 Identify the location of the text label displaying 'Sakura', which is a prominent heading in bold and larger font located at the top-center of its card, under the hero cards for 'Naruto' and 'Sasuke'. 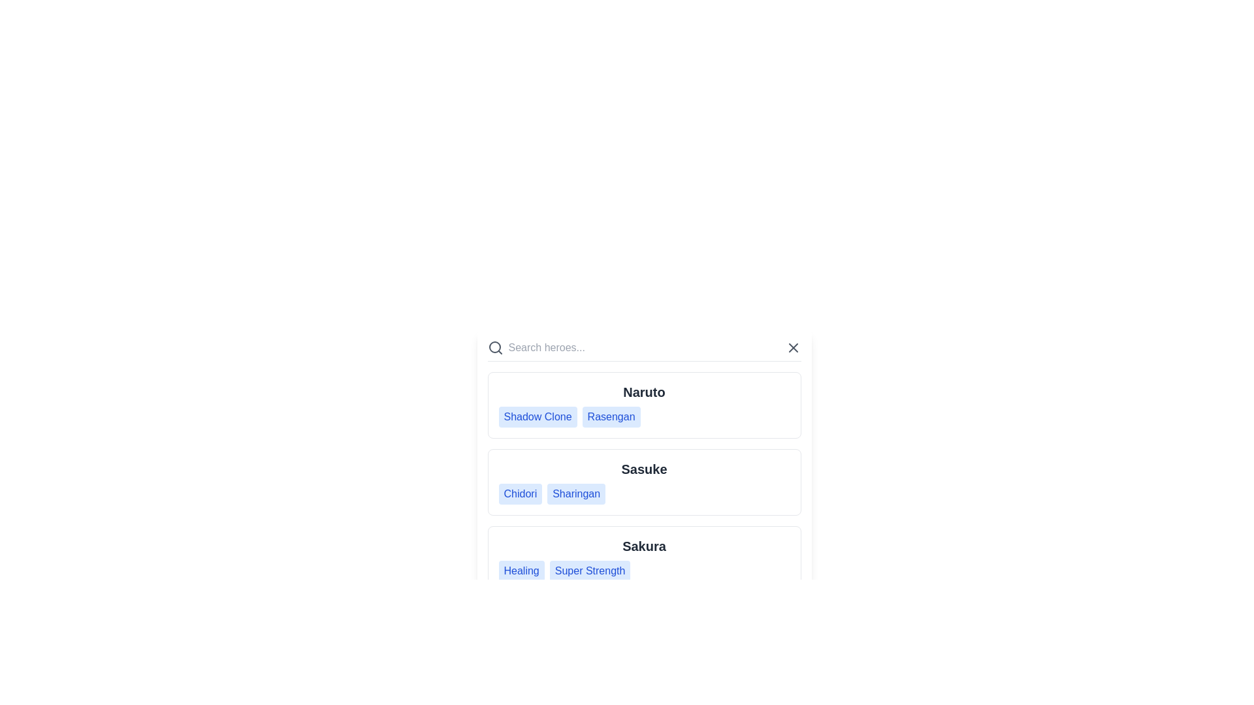
(644, 546).